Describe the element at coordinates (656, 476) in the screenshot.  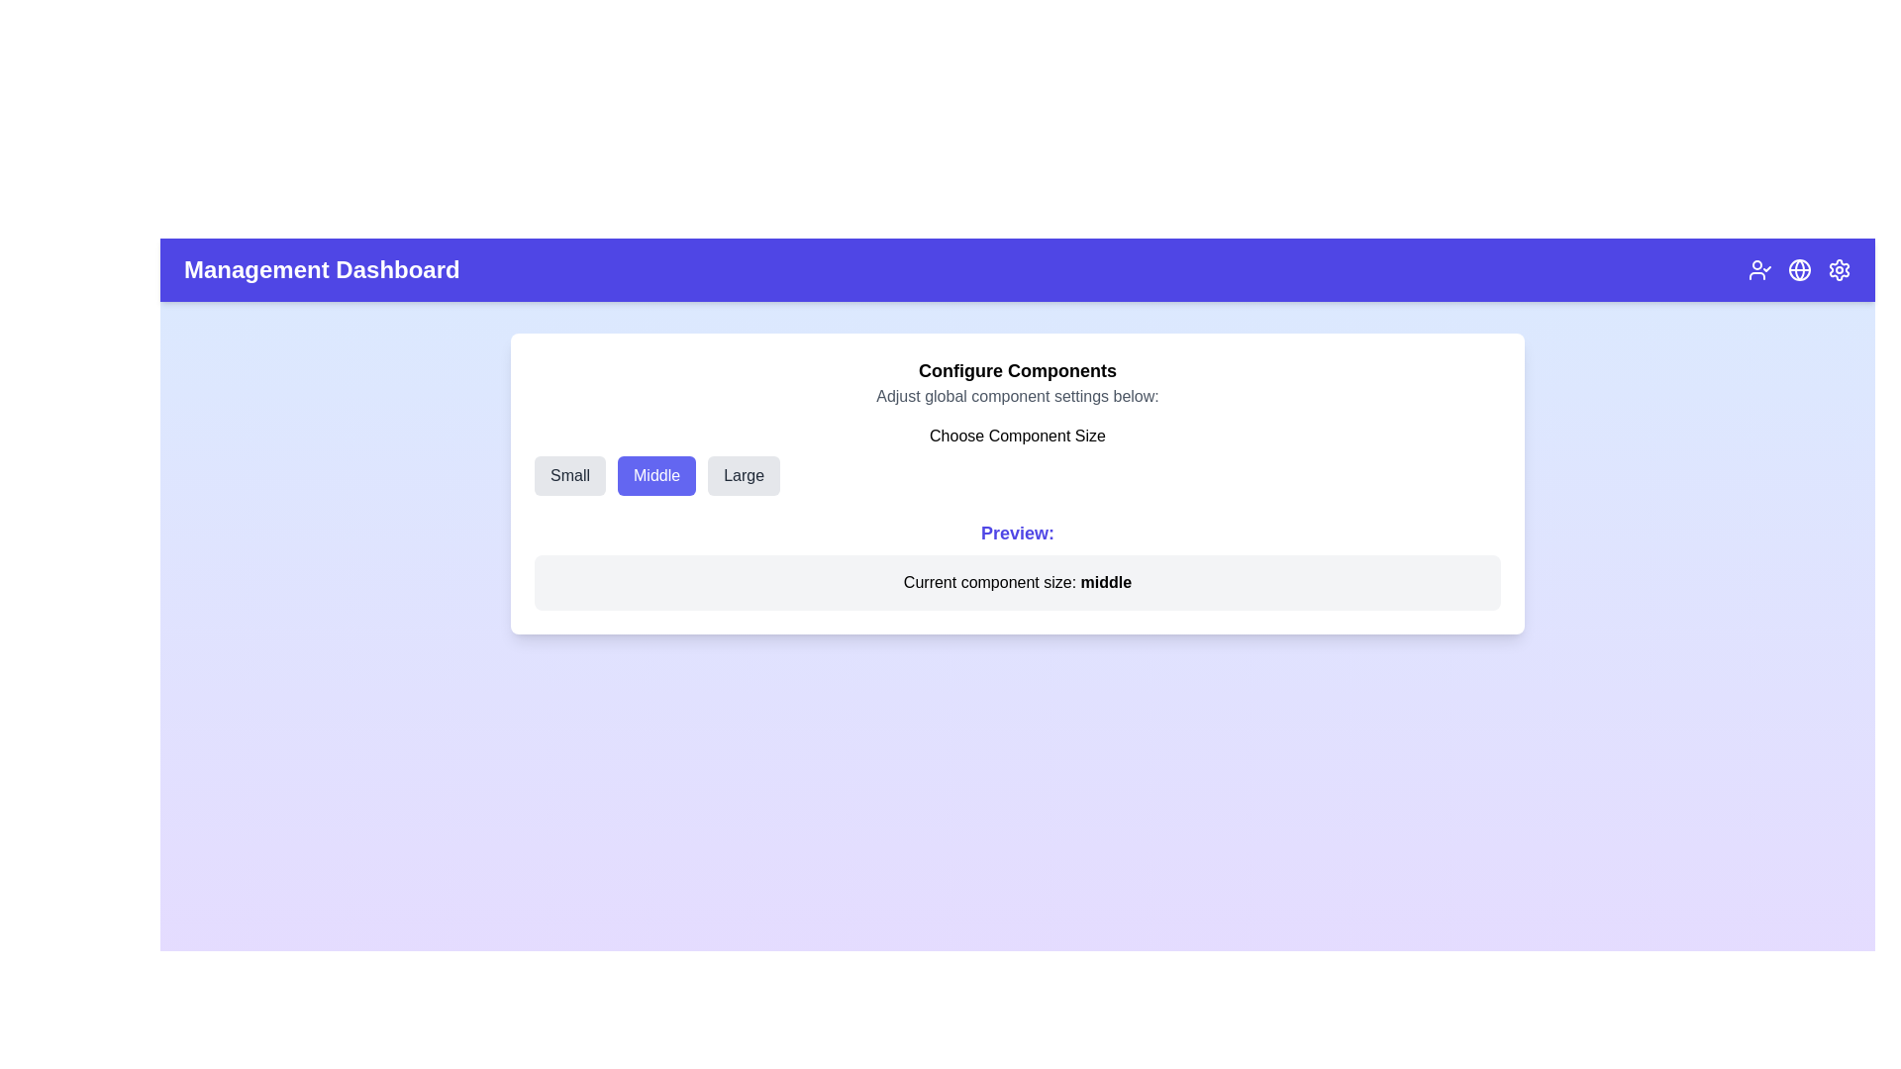
I see `the 'Middle' configuration button, which is the second of three horizontally arranged buttons` at that location.